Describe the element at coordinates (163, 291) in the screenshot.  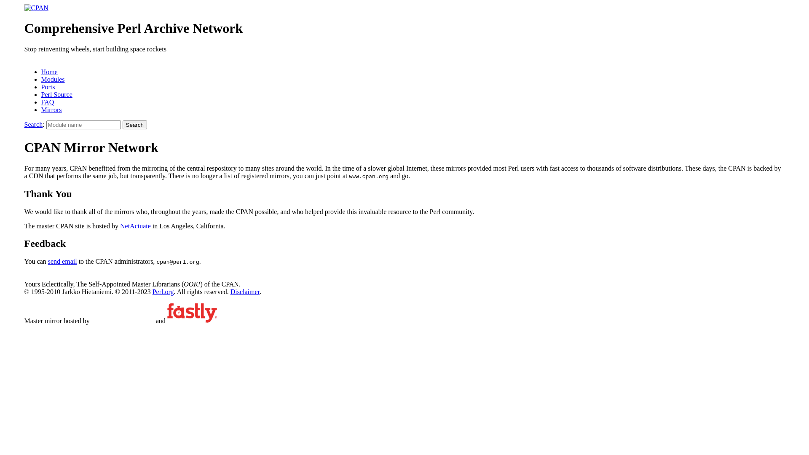
I see `'Perl.org'` at that location.